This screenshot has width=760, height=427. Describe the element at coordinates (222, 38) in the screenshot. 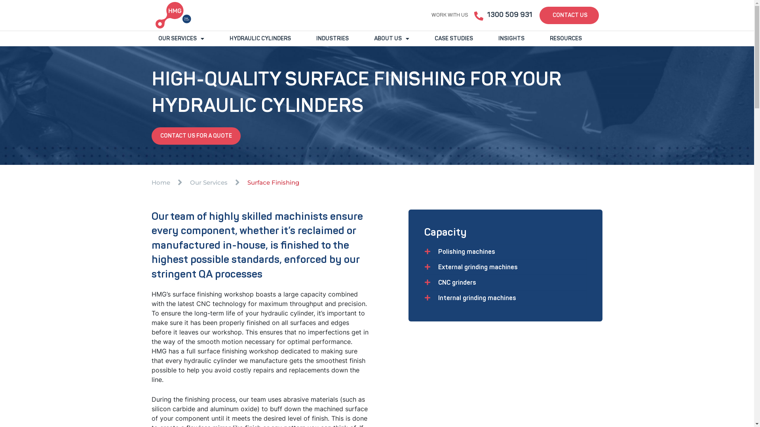

I see `'HYDRAULIC CYLINDERS'` at that location.